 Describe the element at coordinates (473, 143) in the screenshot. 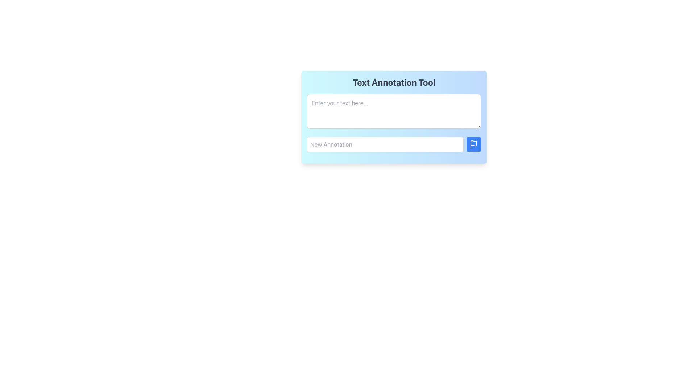

I see `the flag icon located within the blue button at the far-right of the 'New Annotation' text input field` at that location.